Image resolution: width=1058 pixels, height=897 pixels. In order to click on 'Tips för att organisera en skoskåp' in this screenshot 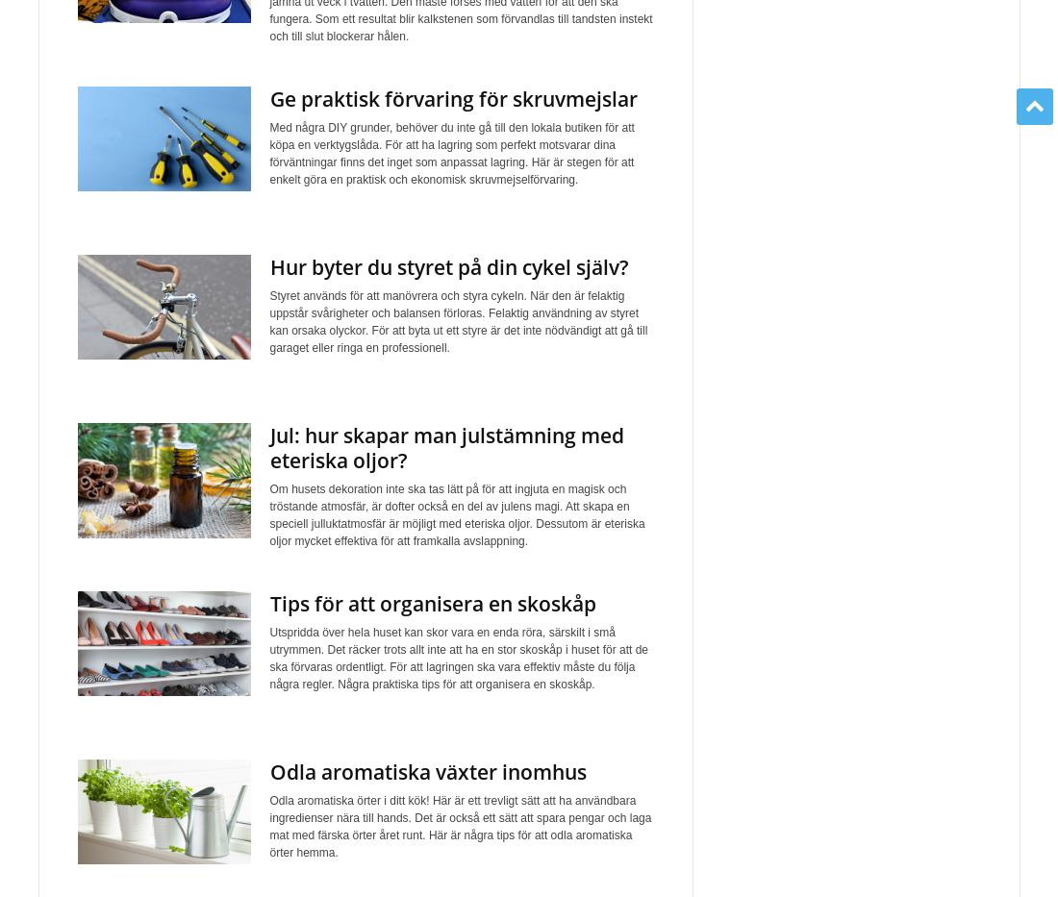, I will do `click(431, 603)`.